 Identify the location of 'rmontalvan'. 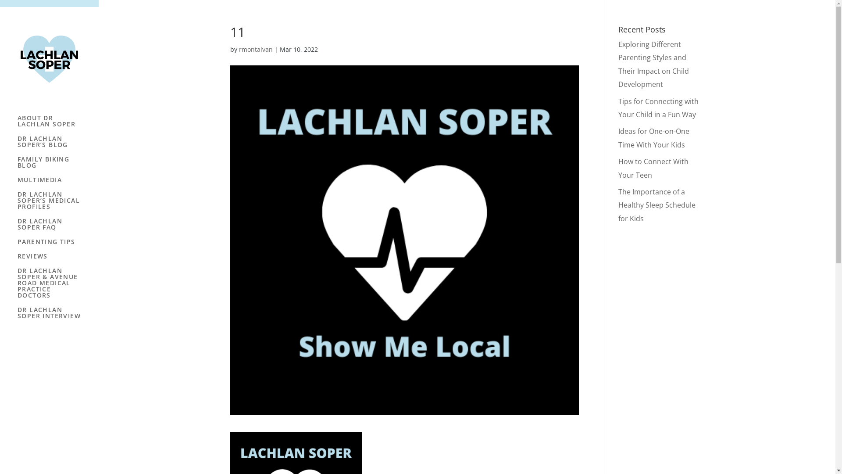
(255, 49).